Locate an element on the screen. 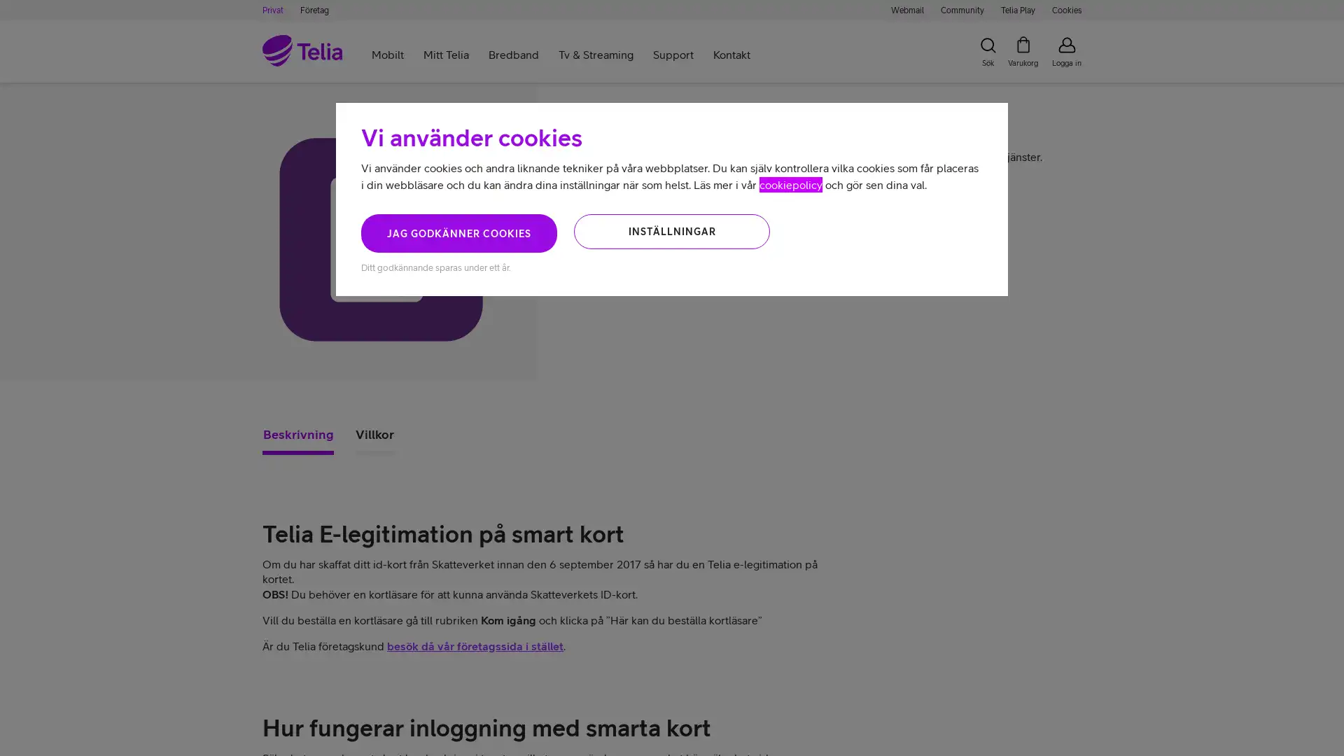  JAG GODKANNER COOKIES is located at coordinates (459, 232).